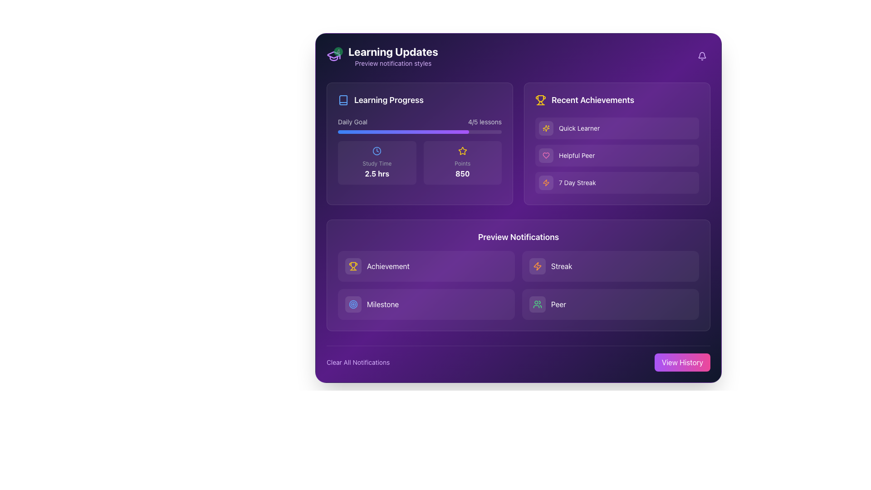 The height and width of the screenshot is (490, 871). I want to click on the text label displaying 'Milestone' in white, capitalized font on a vibrant purple background, located in the bottom left of the notification block, so click(383, 304).